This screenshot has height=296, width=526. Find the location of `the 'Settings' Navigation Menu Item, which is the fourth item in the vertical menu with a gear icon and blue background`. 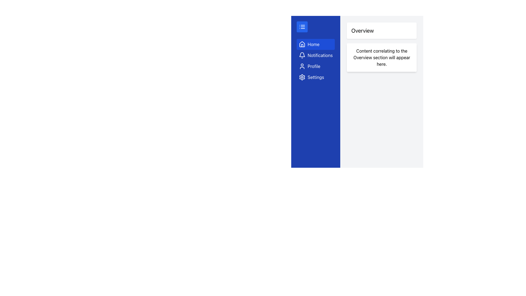

the 'Settings' Navigation Menu Item, which is the fourth item in the vertical menu with a gear icon and blue background is located at coordinates (316, 77).